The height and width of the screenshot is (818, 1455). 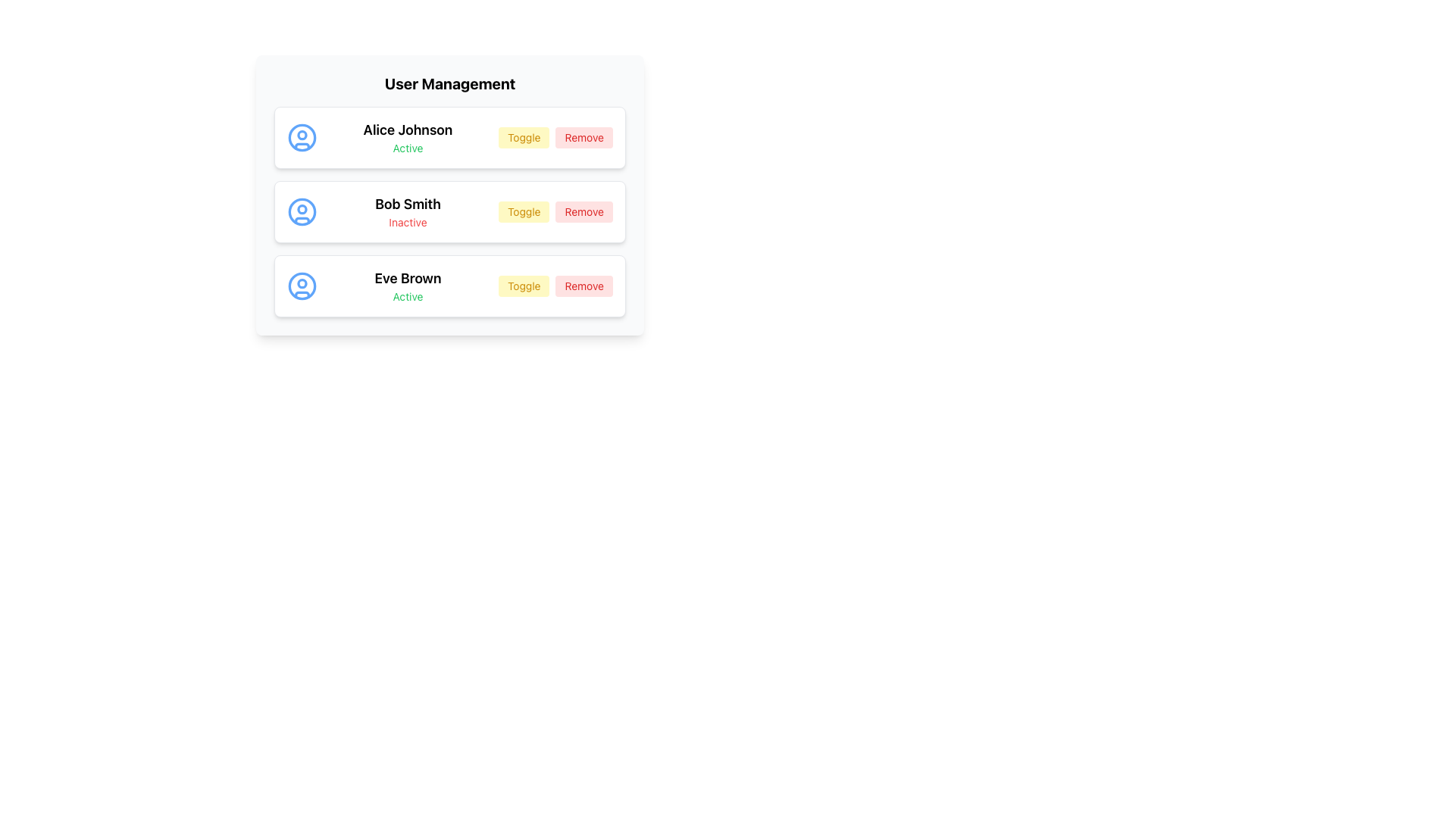 I want to click on the 'Toggle' button with a light yellow background and yellow-orange text, located in the second row of the user details list associated with 'Bob Smith', so click(x=524, y=212).